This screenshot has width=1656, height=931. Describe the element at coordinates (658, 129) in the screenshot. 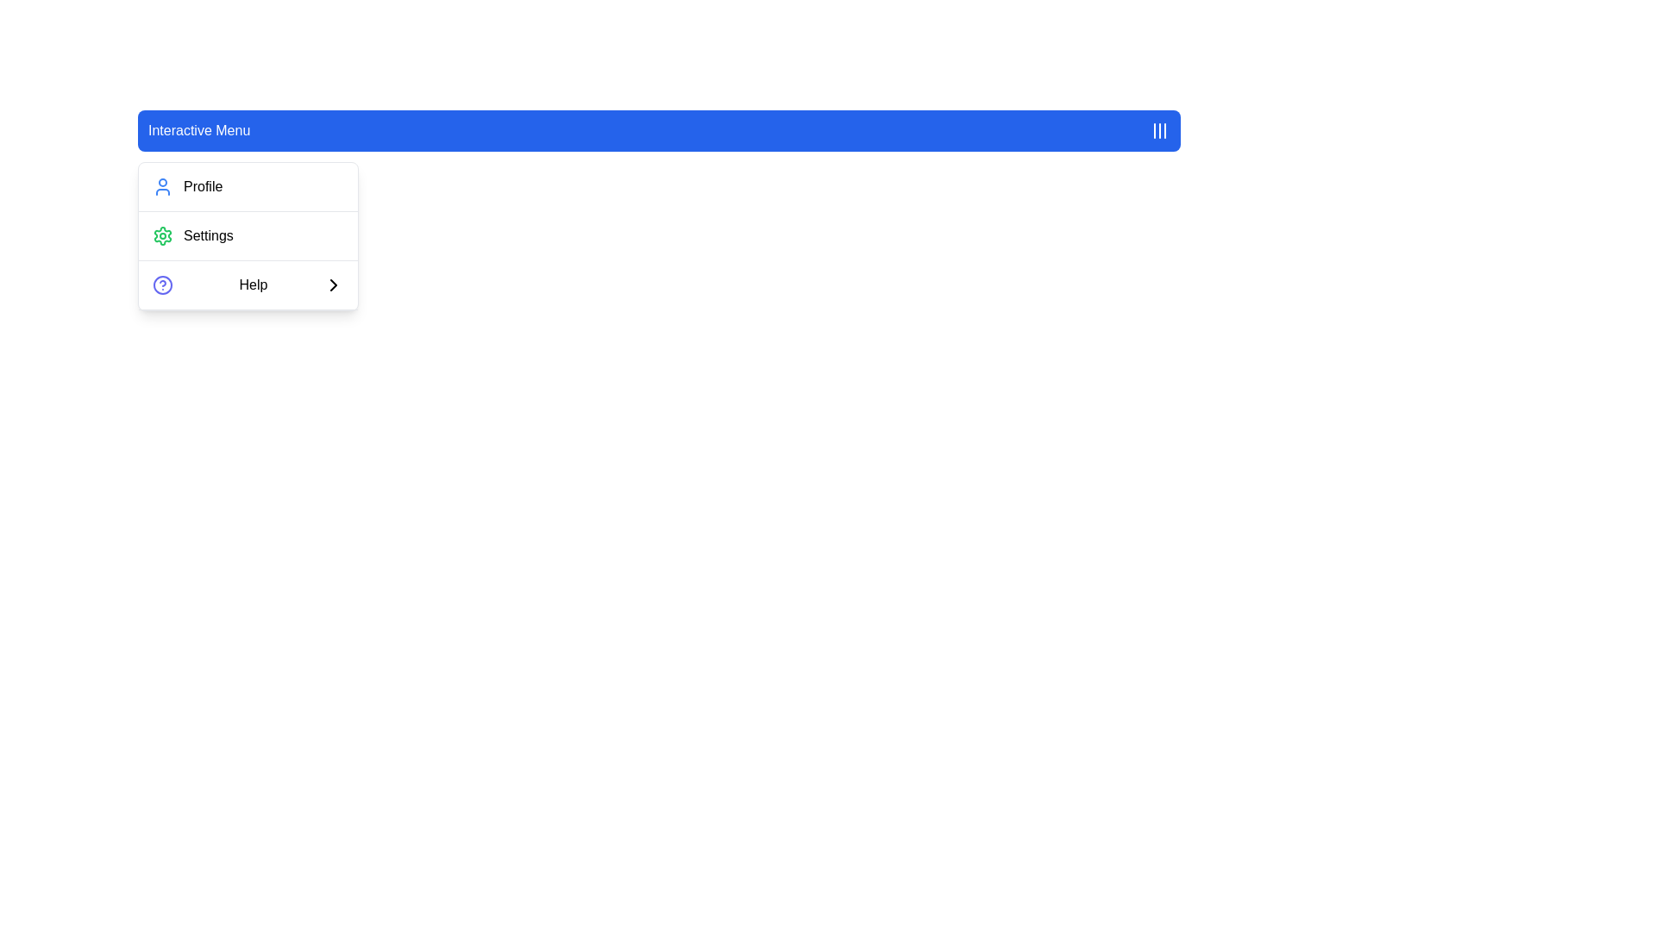

I see `the Navigation Menu Bar located at the top center of the interface for keyboard navigation` at that location.